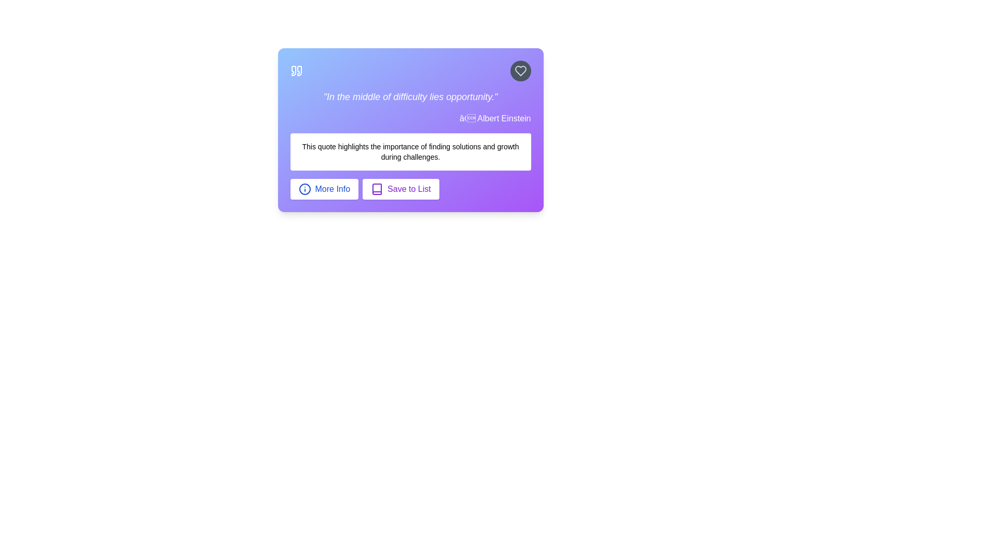 This screenshot has width=996, height=560. Describe the element at coordinates (304, 189) in the screenshot. I see `the 'More Info' icon located to the left of the 'More Info' text within the button on the bottom left of the card display` at that location.